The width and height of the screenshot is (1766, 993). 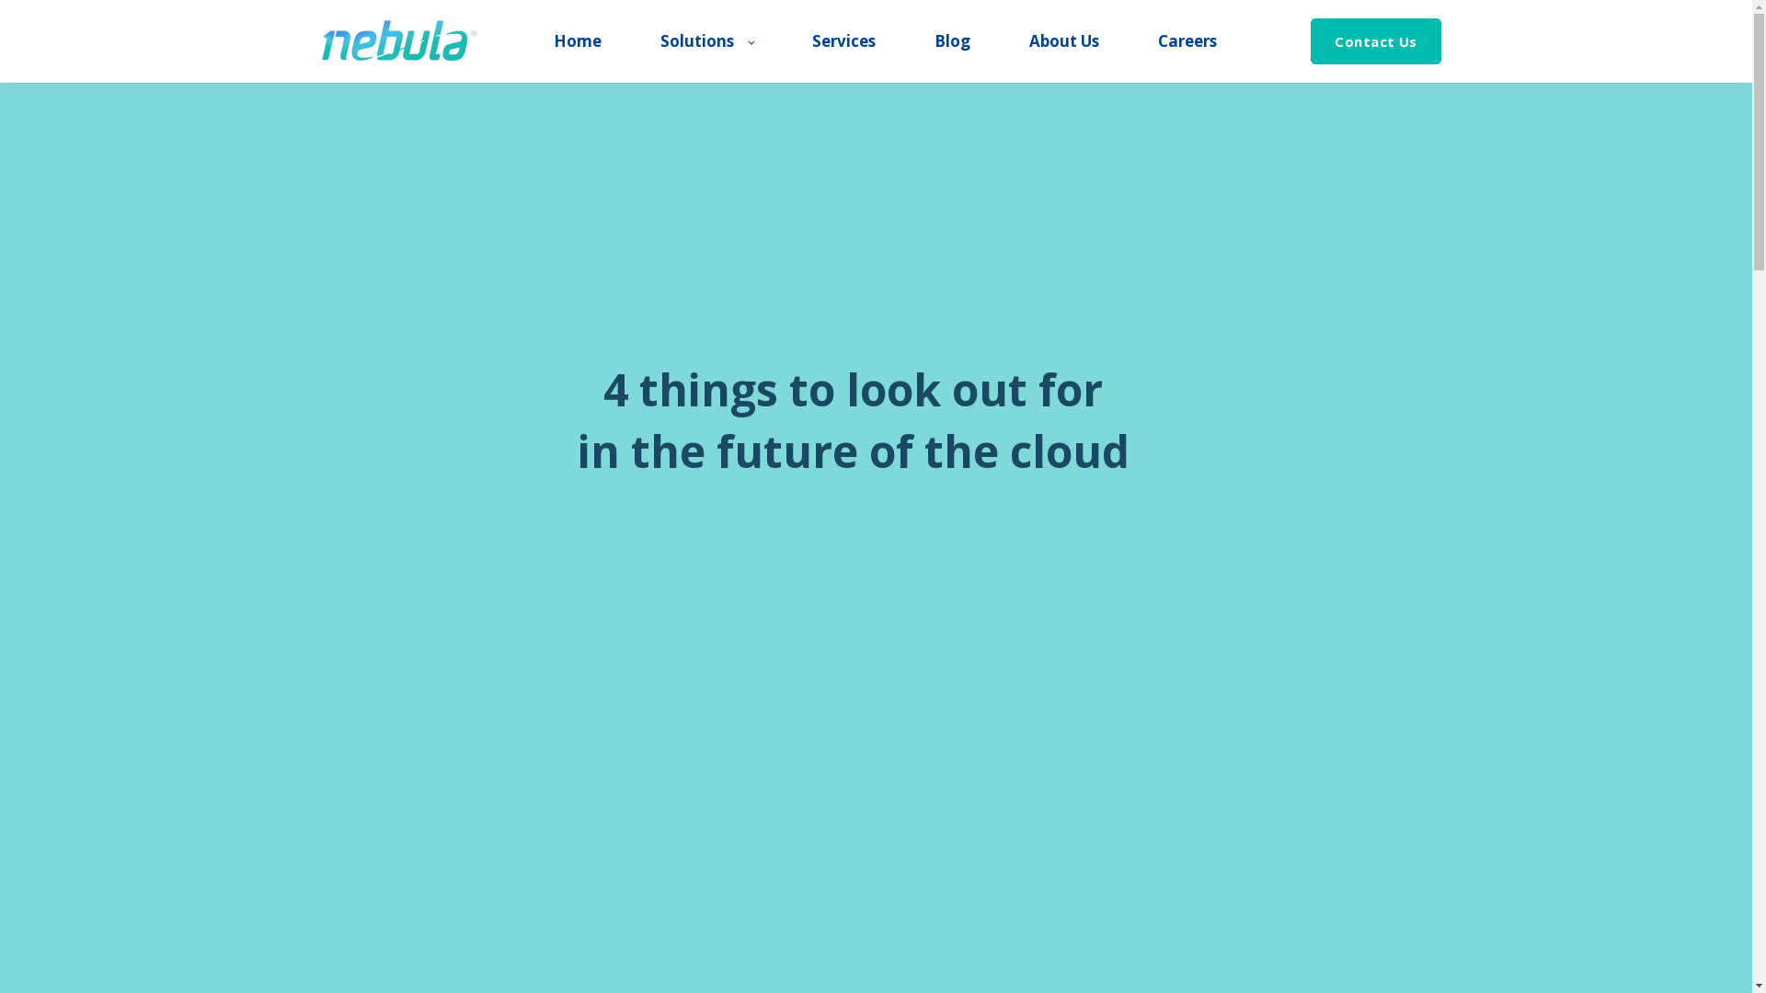 I want to click on 'Contact Us', so click(x=1376, y=41).